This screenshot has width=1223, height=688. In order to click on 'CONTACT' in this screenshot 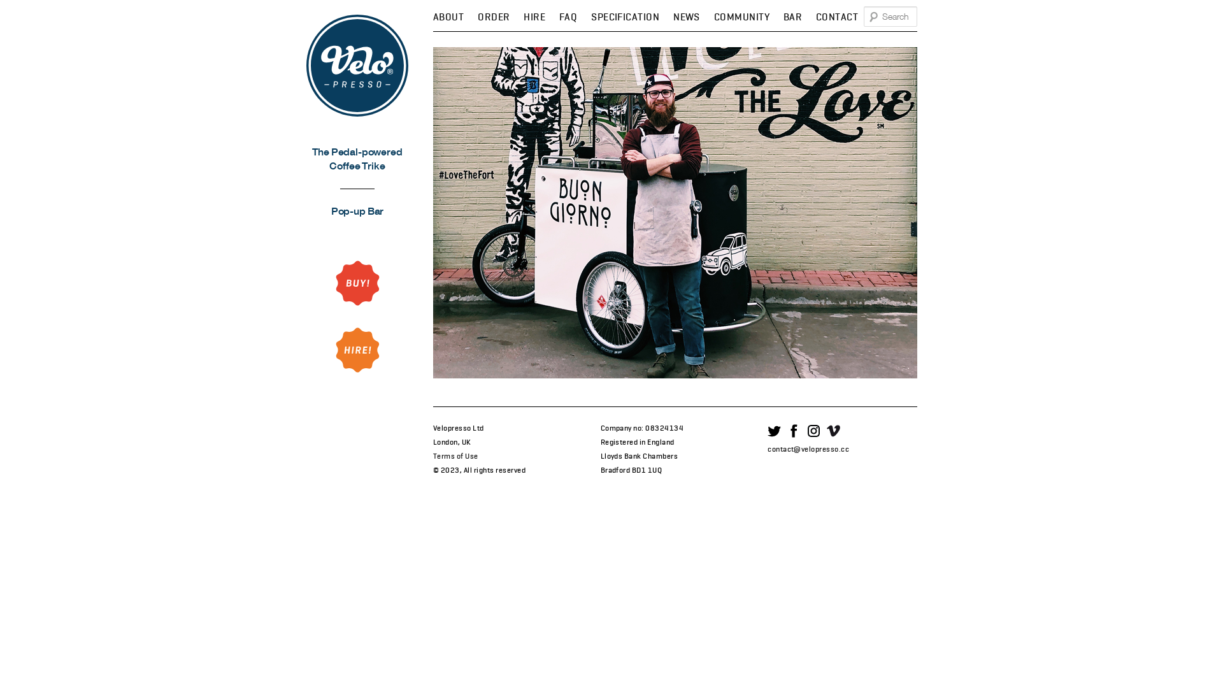, I will do `click(843, 17)`.